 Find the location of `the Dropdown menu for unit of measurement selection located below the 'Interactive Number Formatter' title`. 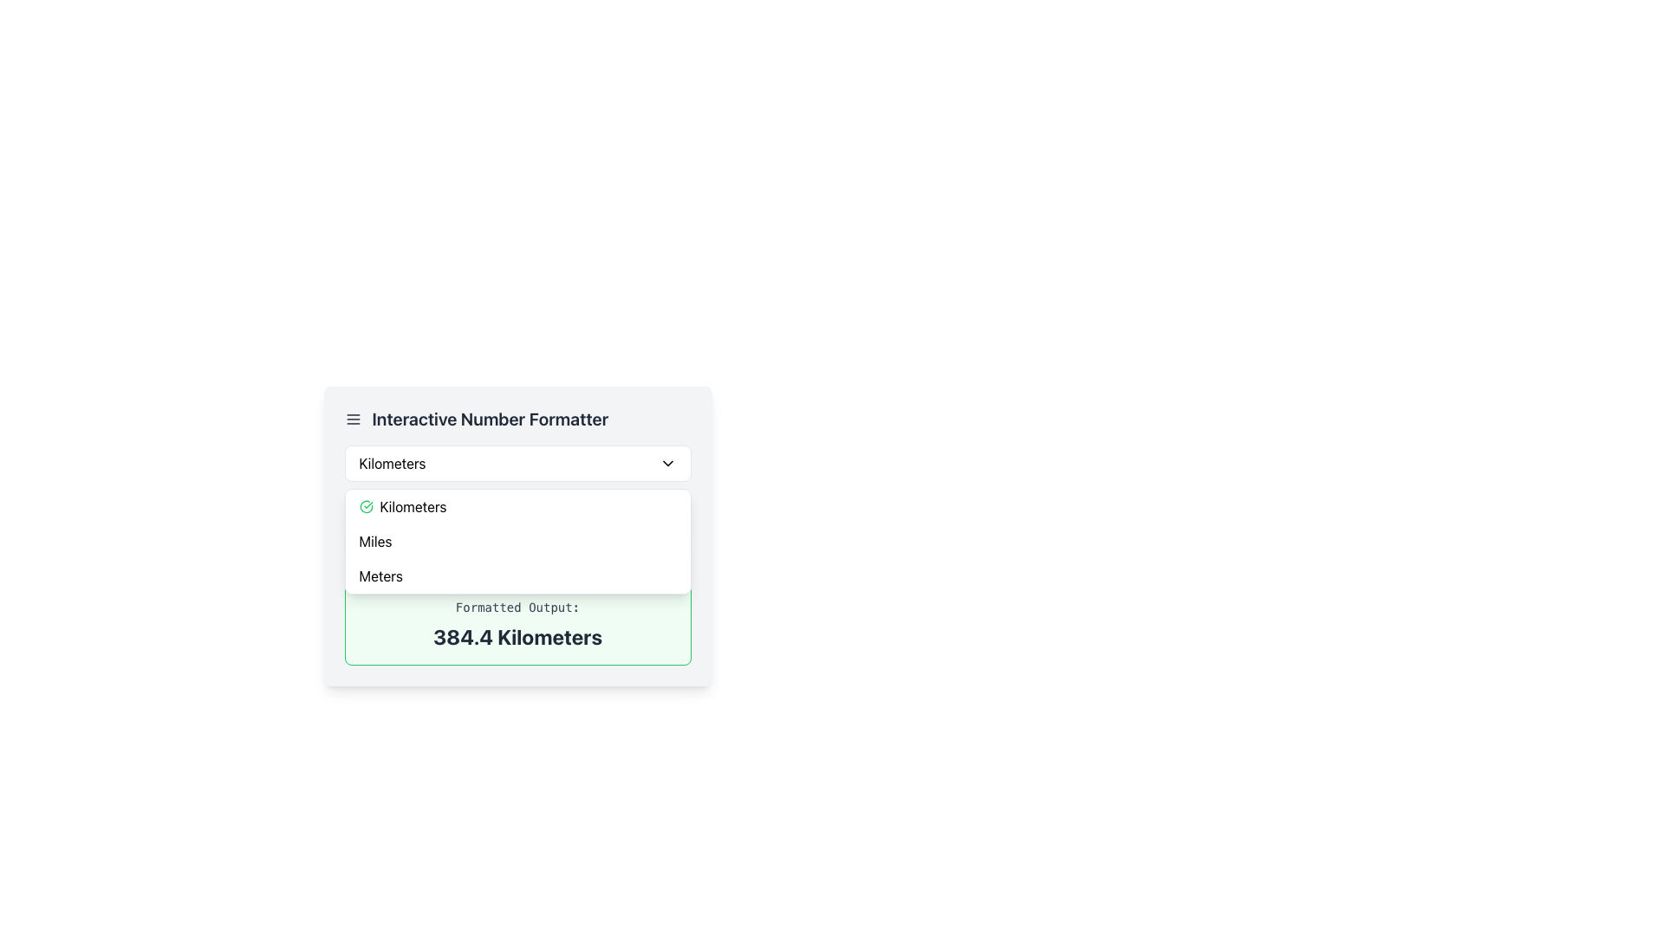

the Dropdown menu for unit of measurement selection located below the 'Interactive Number Formatter' title is located at coordinates (517, 463).